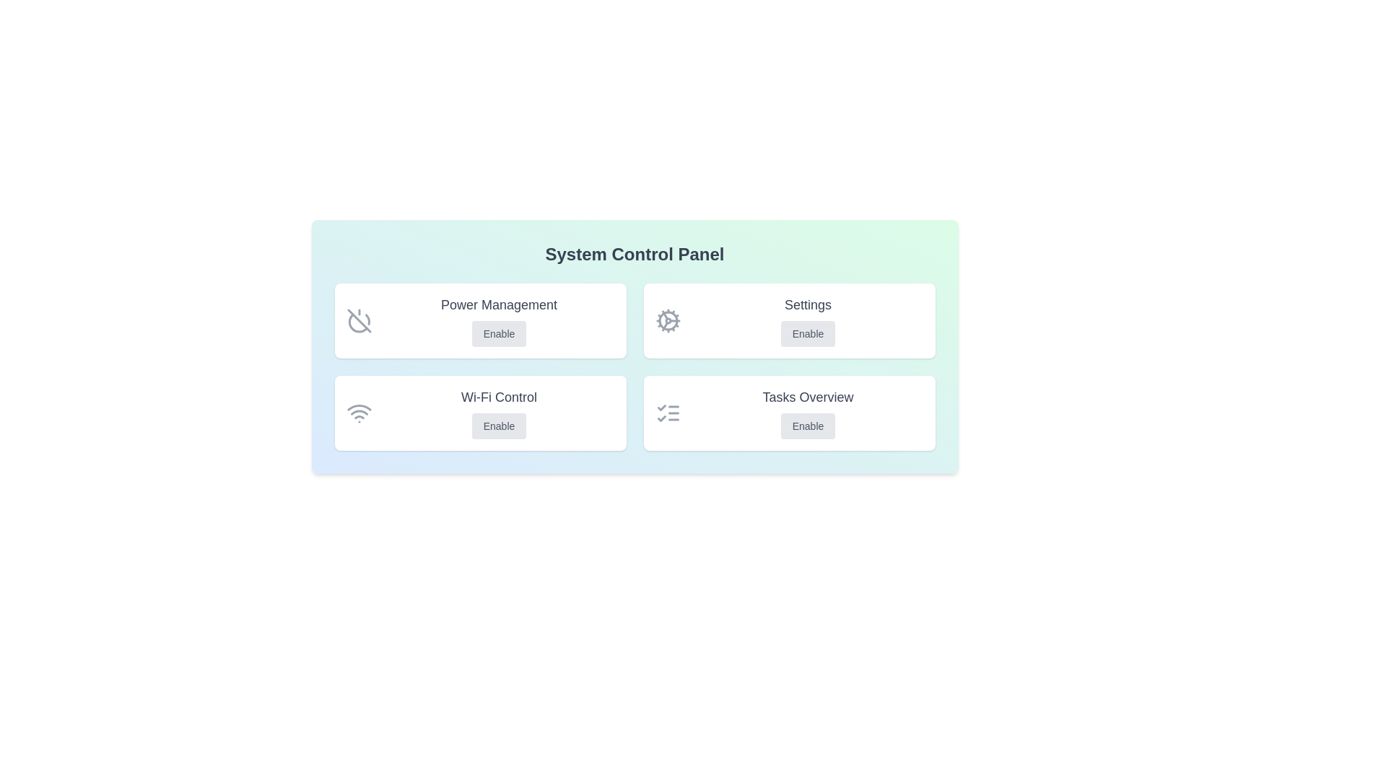  What do you see at coordinates (667, 413) in the screenshot?
I see `the checklist icon located on the left side of the 'Tasks Overview' card, which features two check marks and three horizontal lines, styled in muted gray` at bounding box center [667, 413].